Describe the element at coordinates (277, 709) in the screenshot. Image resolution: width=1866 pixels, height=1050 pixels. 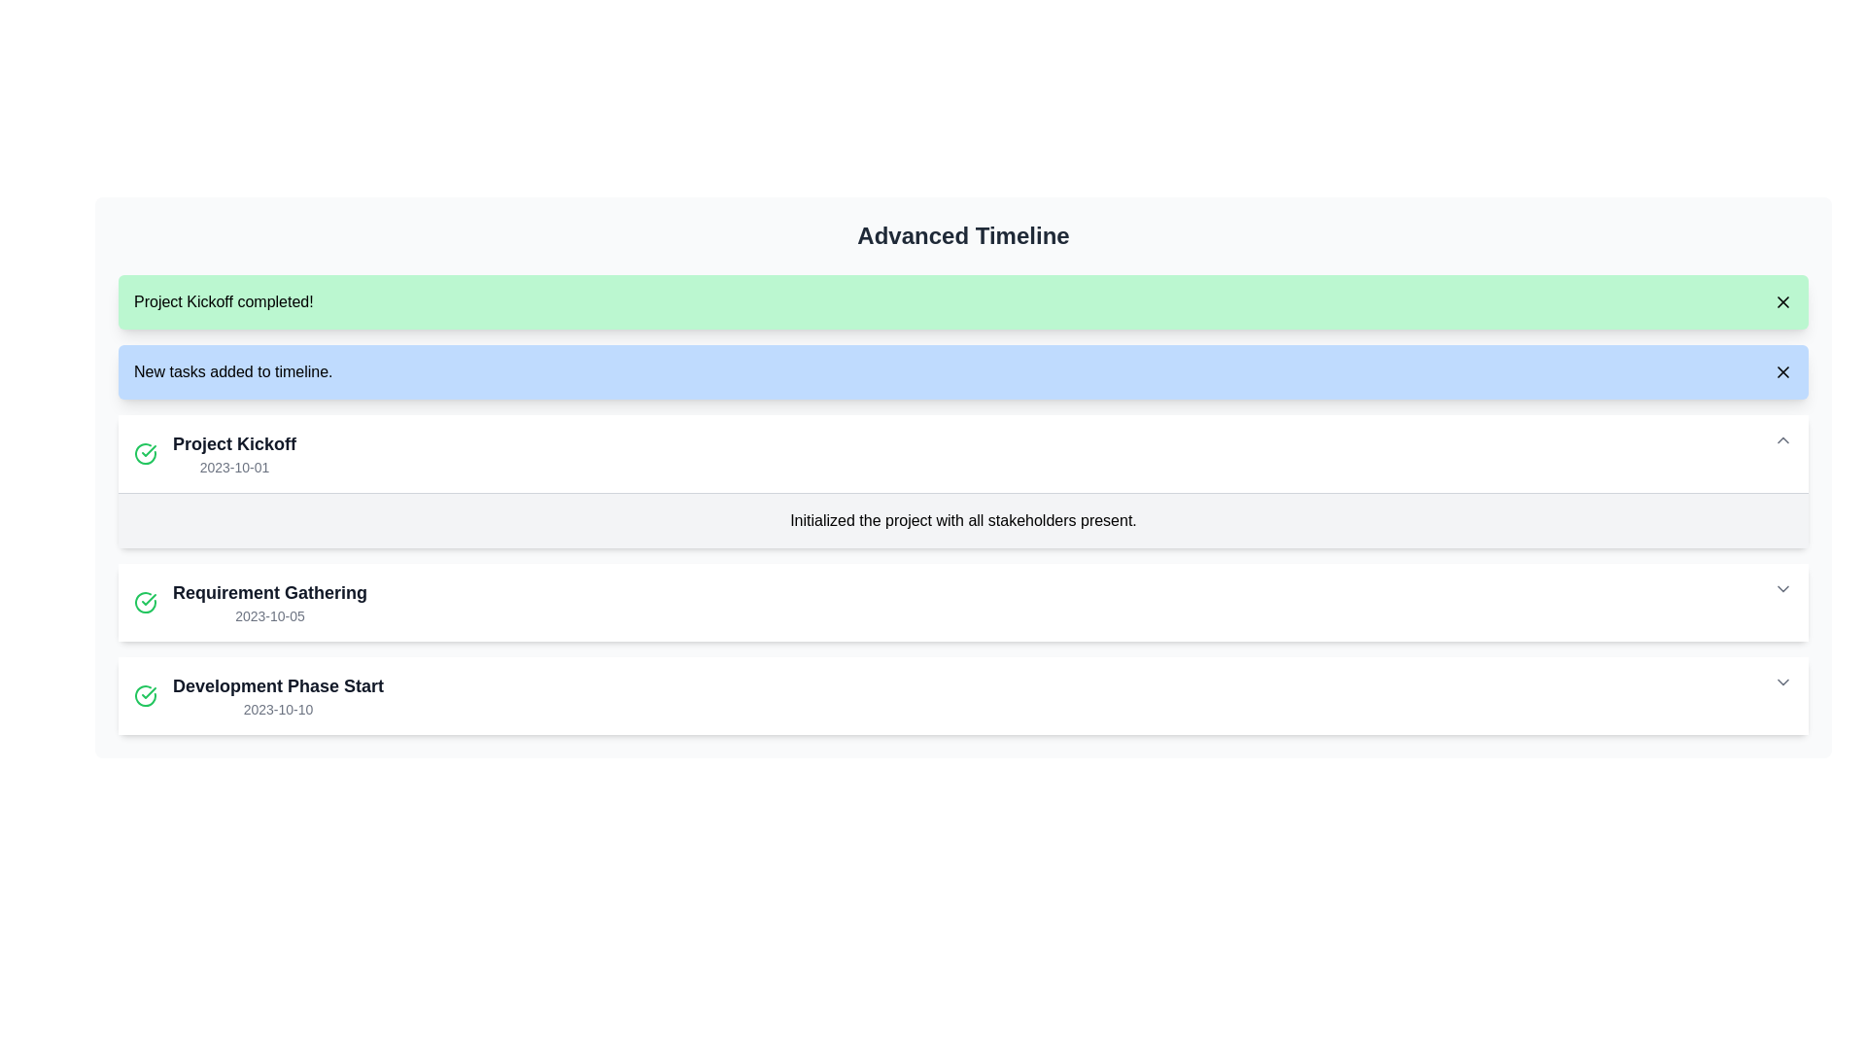
I see `the text element displaying the date '2023-10-10', which is positioned below 'Development Phase Start' in the timeline list under 'Advanced Timeline'` at that location.